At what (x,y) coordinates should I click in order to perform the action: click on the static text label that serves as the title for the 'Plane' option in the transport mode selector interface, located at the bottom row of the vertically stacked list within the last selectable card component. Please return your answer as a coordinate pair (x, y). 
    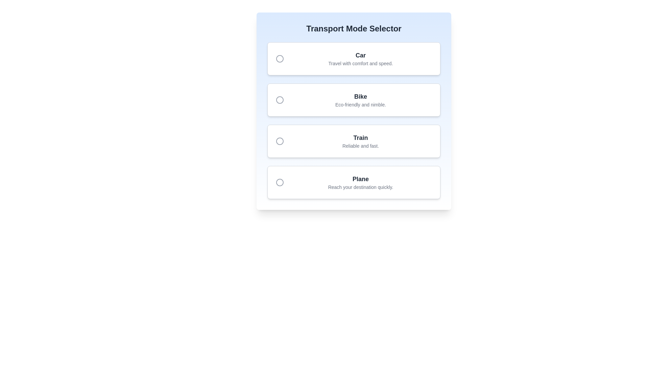
    Looking at the image, I should click on (360, 178).